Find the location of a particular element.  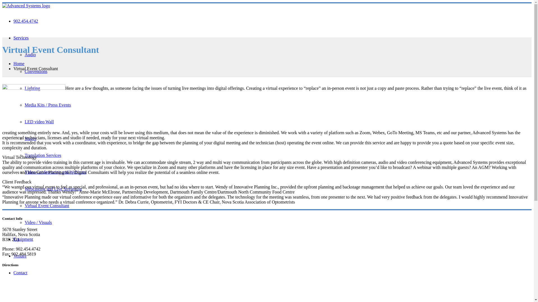

'902.454.4742' is located at coordinates (13, 21).